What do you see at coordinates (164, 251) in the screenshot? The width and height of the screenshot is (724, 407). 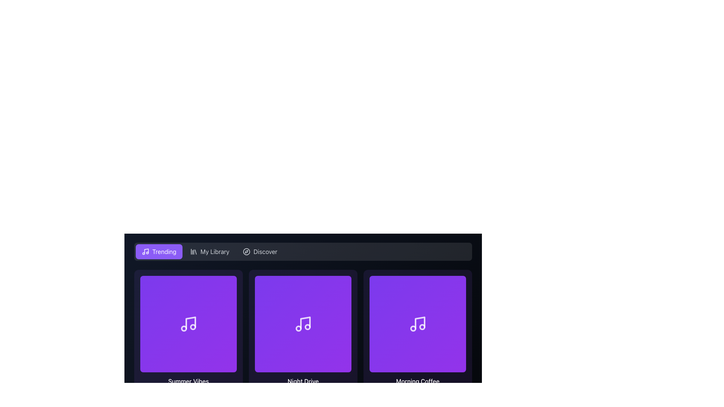 I see `the 'Trending' text label, which is displayed in white on a purple background` at bounding box center [164, 251].